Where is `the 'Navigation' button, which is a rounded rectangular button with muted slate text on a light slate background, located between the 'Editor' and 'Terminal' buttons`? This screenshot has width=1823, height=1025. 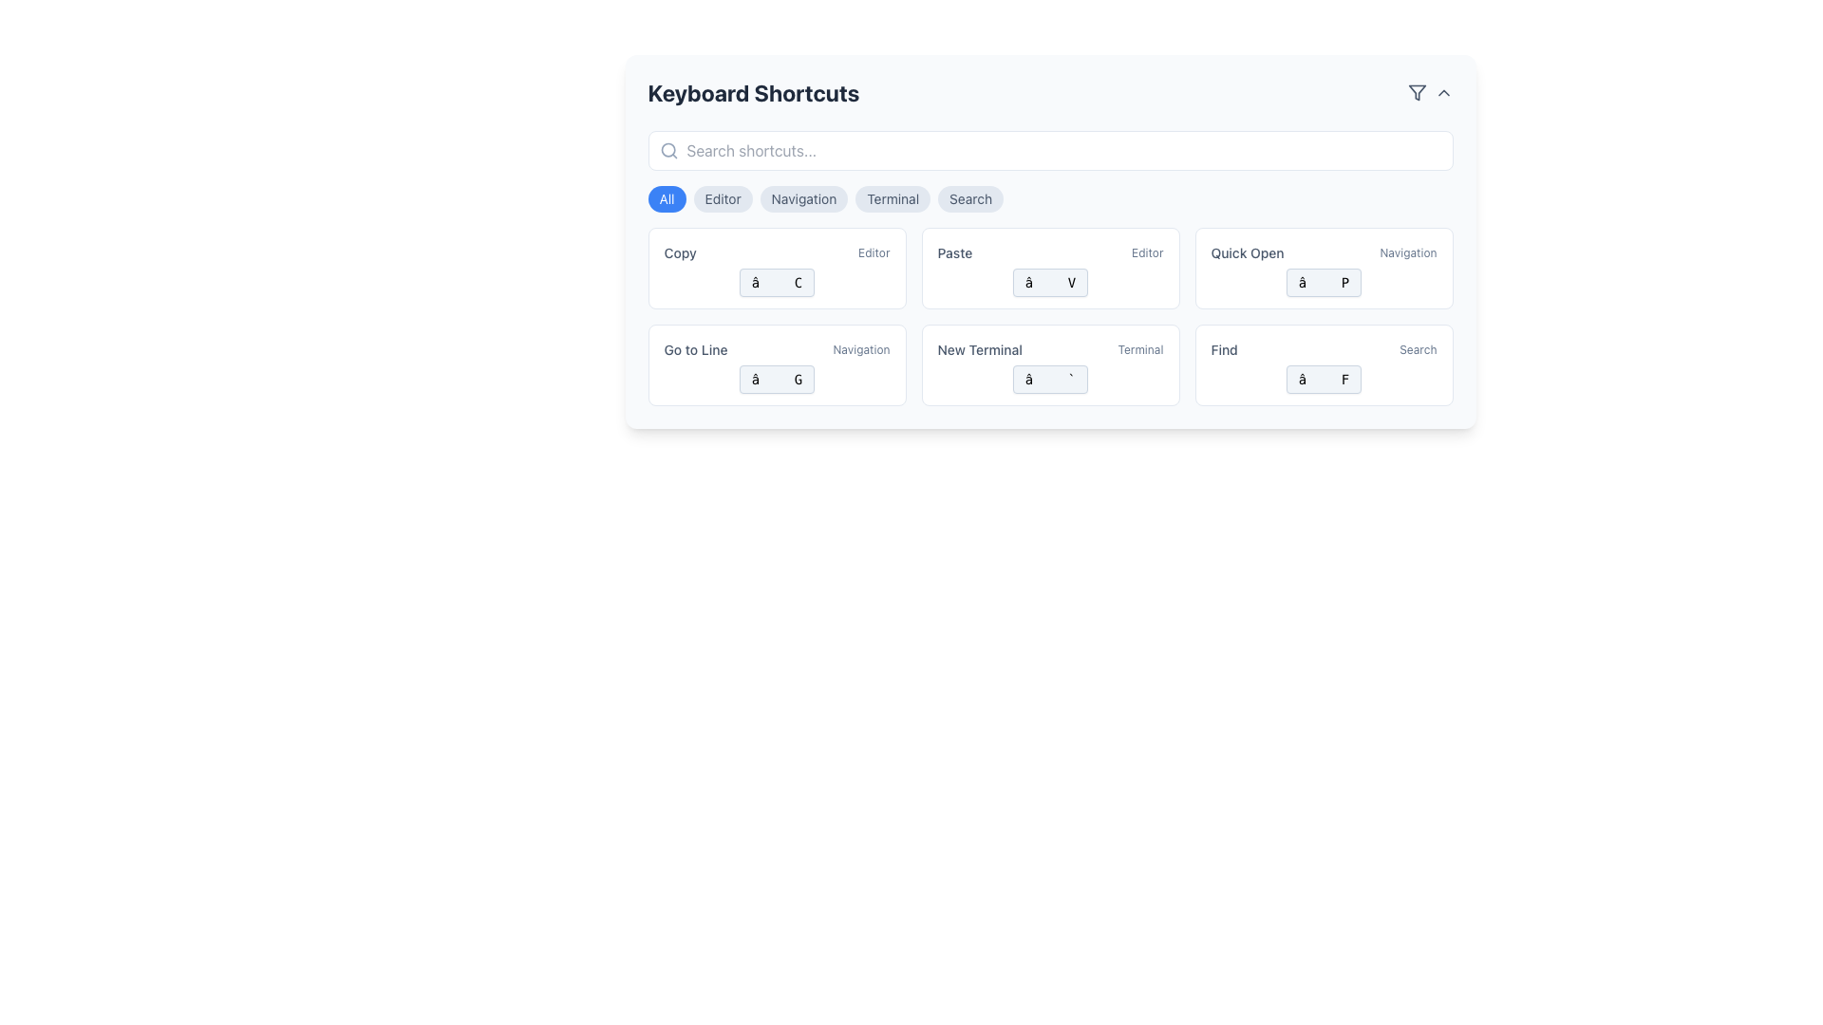 the 'Navigation' button, which is a rounded rectangular button with muted slate text on a light slate background, located between the 'Editor' and 'Terminal' buttons is located at coordinates (803, 198).